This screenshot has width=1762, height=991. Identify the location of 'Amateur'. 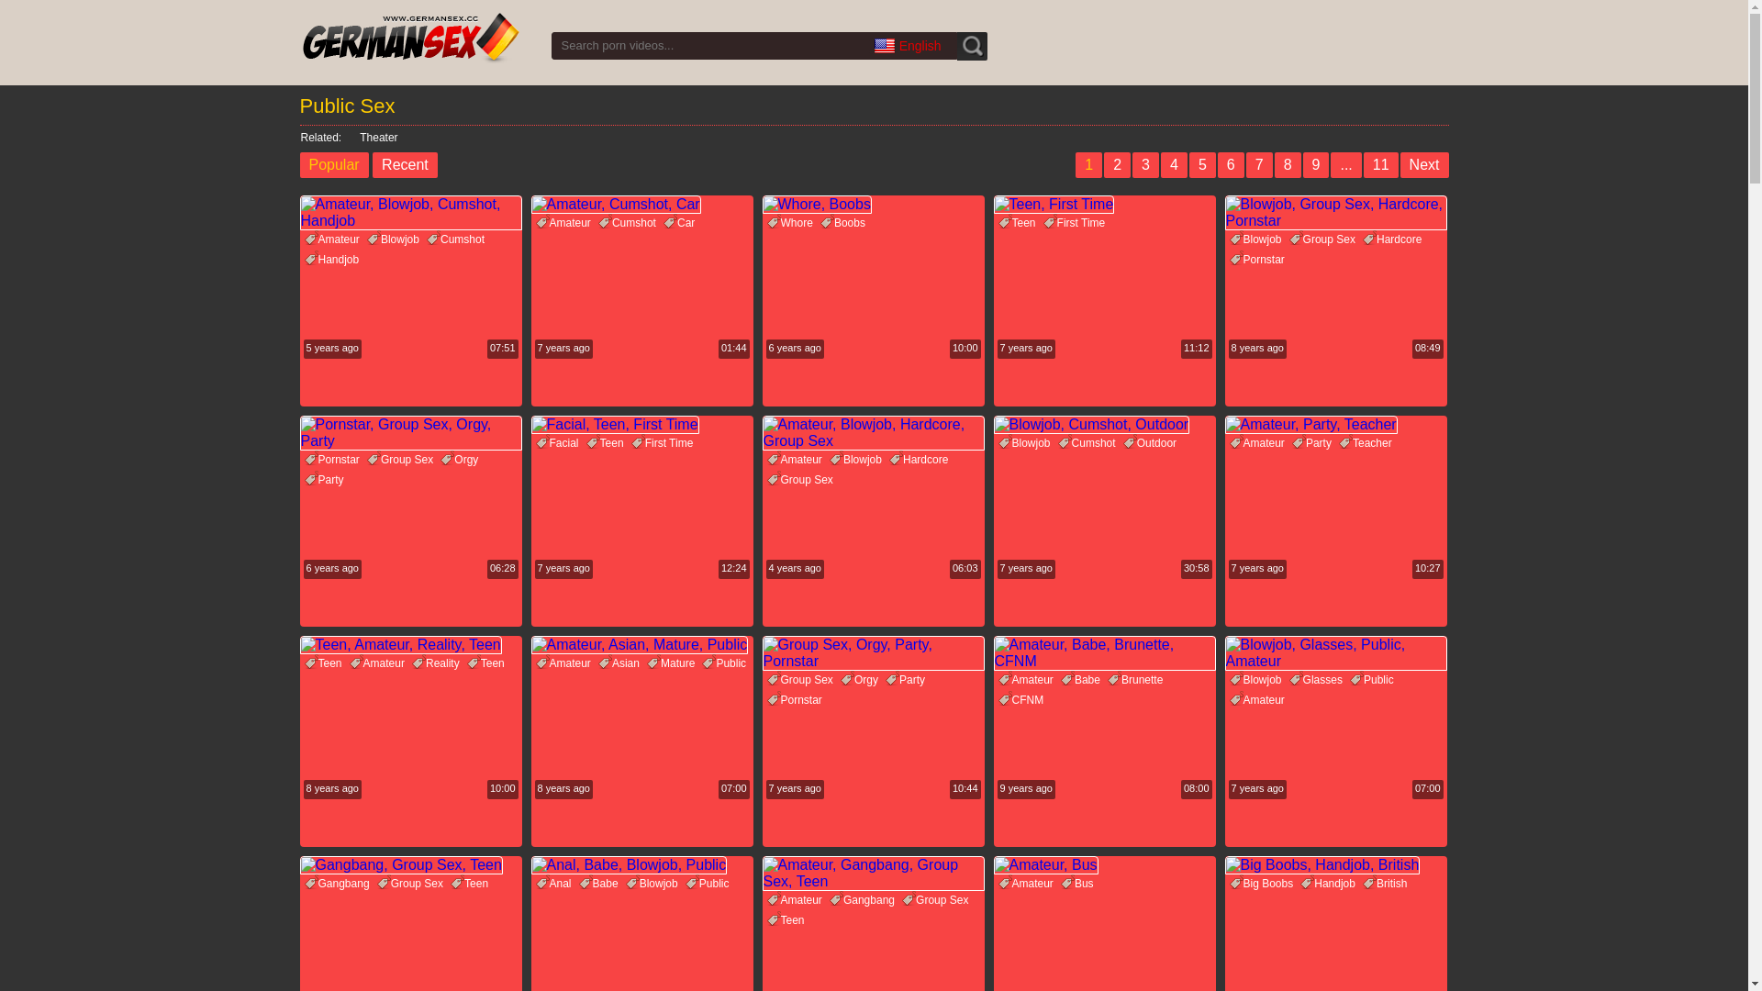
(334, 239).